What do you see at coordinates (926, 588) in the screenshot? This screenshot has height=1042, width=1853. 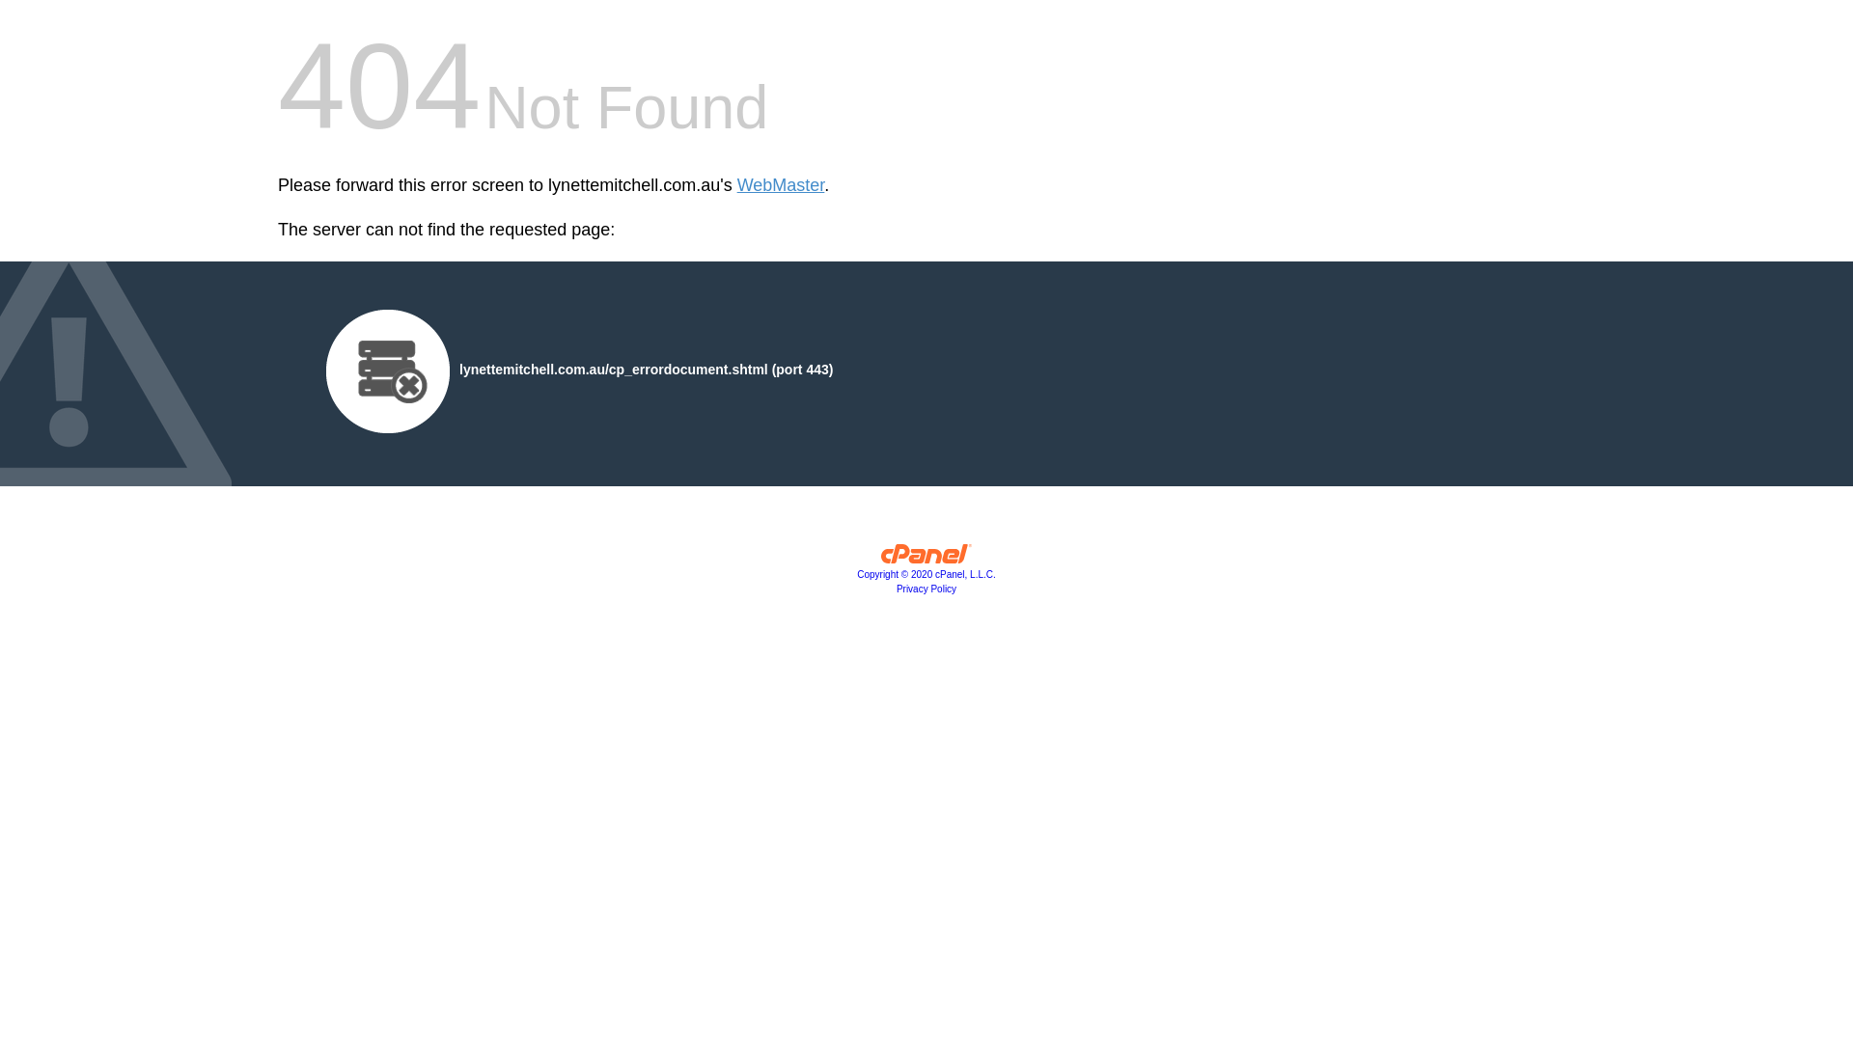 I see `'Privacy Policy'` at bounding box center [926, 588].